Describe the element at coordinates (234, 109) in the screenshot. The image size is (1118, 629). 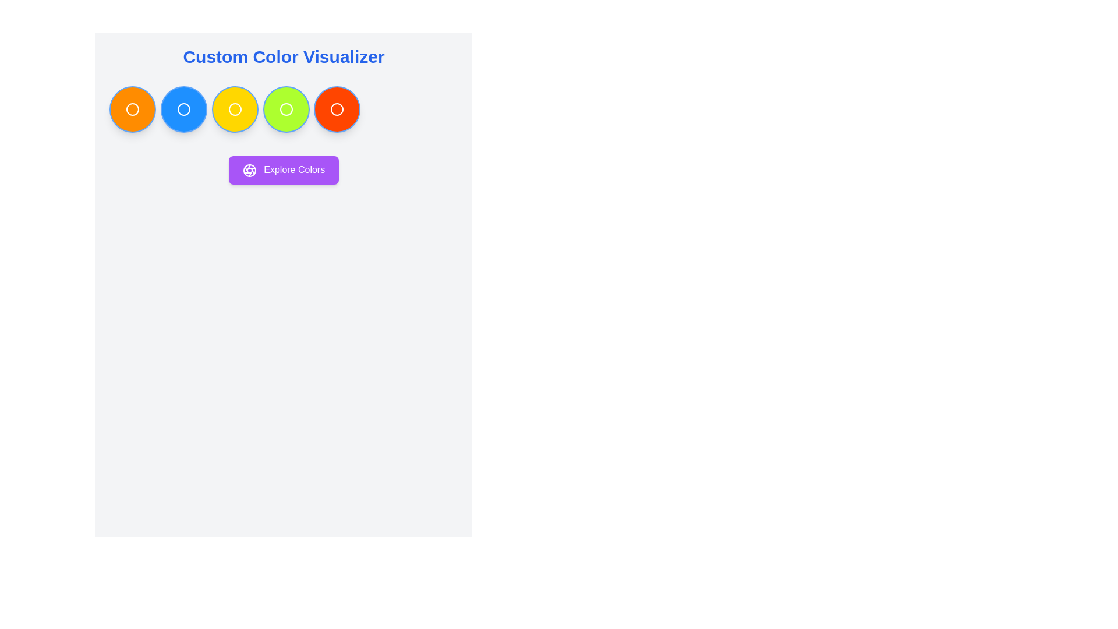
I see `the third yellow circle with a white border in the sequence of five colored circles located below the title 'Custom Color Visualizer'` at that location.